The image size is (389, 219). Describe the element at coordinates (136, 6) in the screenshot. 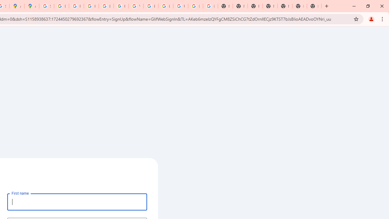

I see `'YouTube'` at that location.